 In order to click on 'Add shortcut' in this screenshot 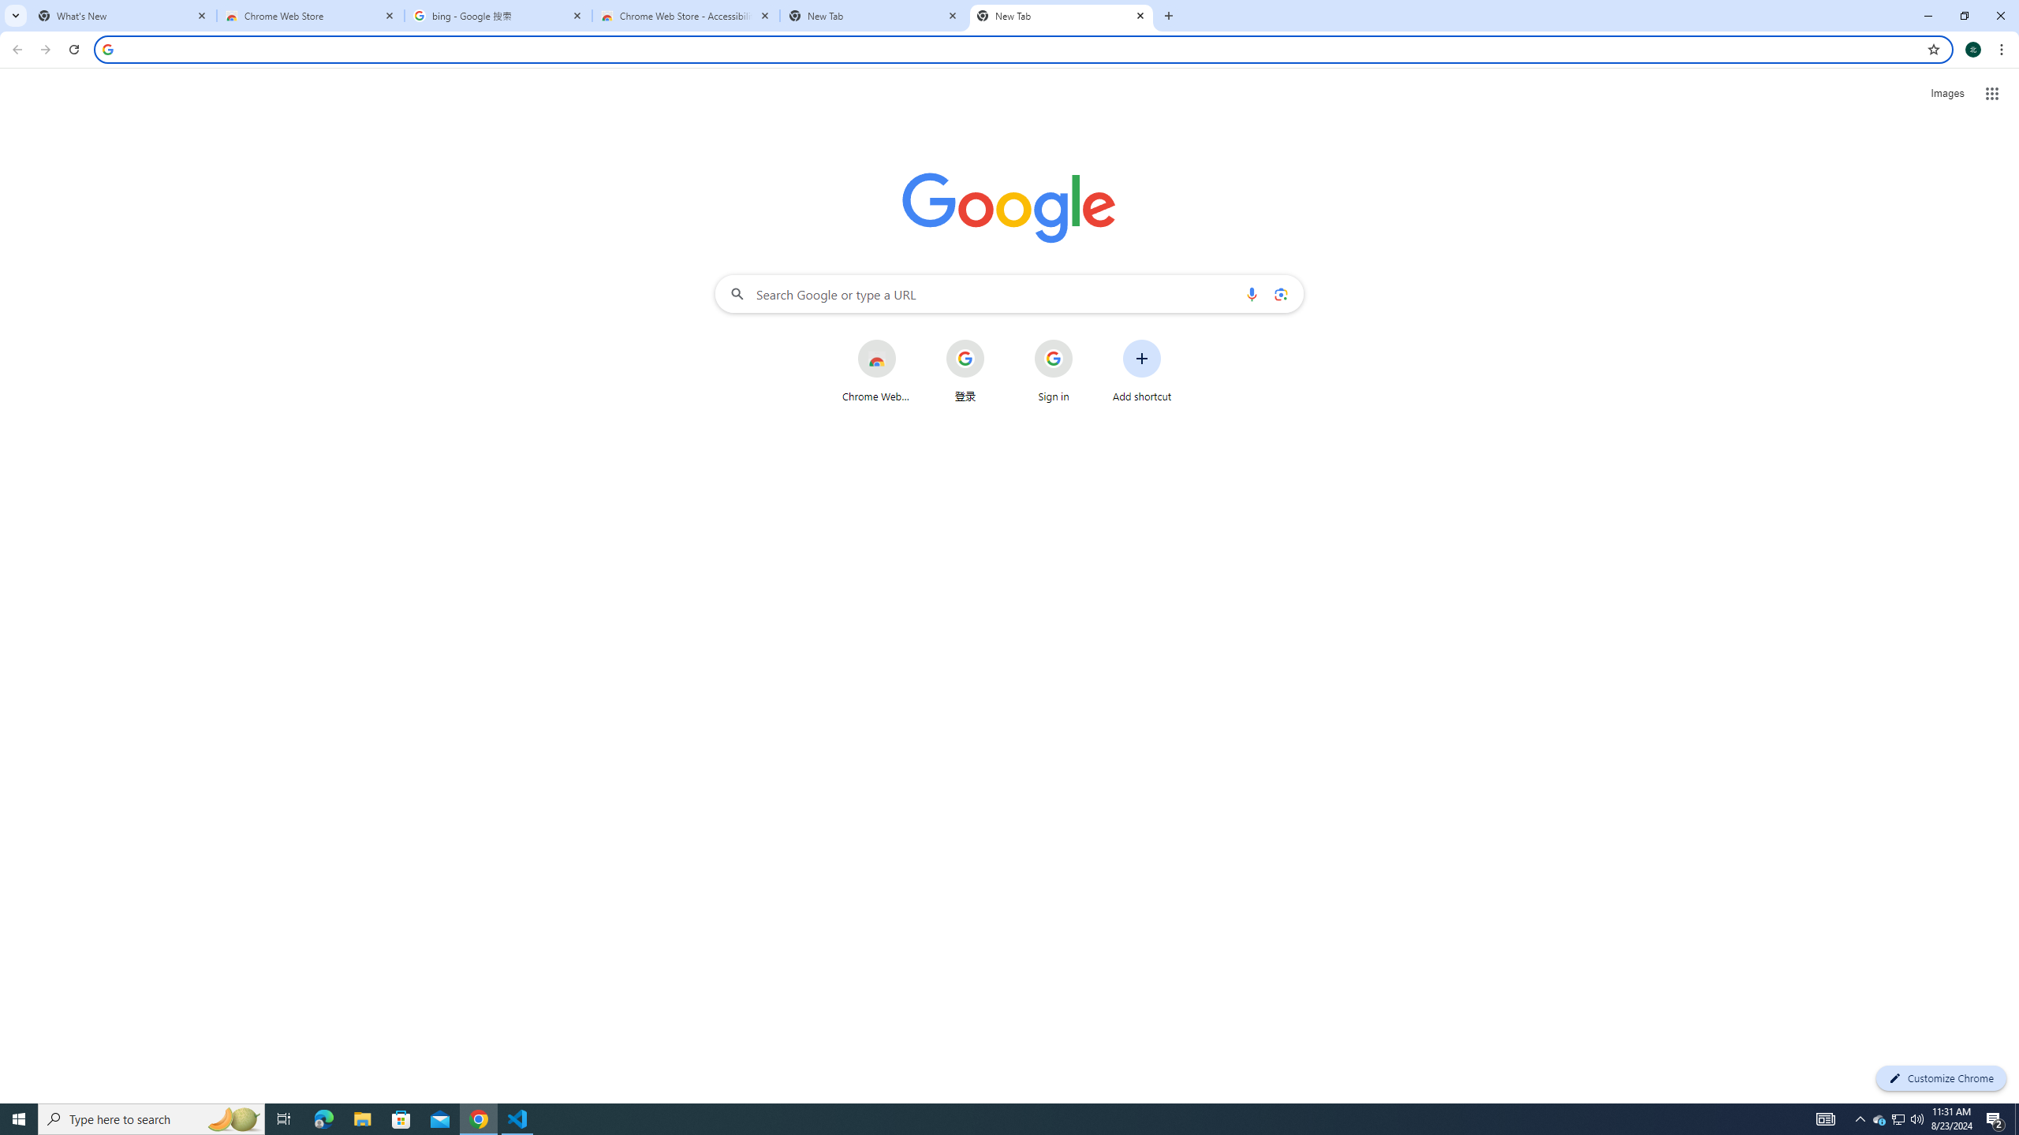, I will do `click(1141, 370)`.